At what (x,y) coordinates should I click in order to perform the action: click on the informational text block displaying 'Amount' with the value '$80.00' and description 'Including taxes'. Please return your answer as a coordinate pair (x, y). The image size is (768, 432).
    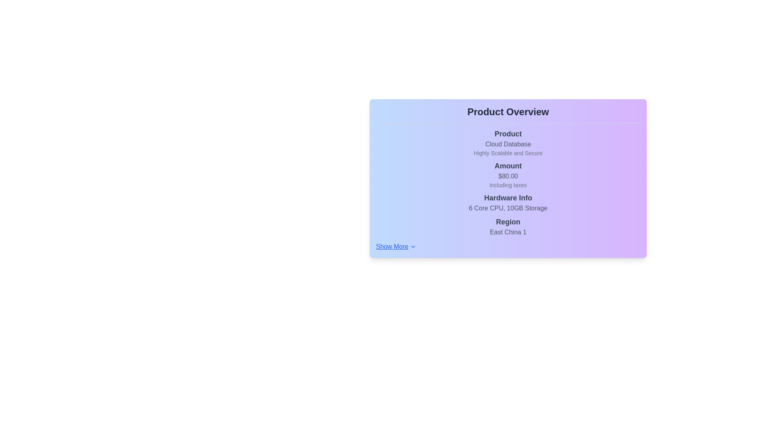
    Looking at the image, I should click on (508, 174).